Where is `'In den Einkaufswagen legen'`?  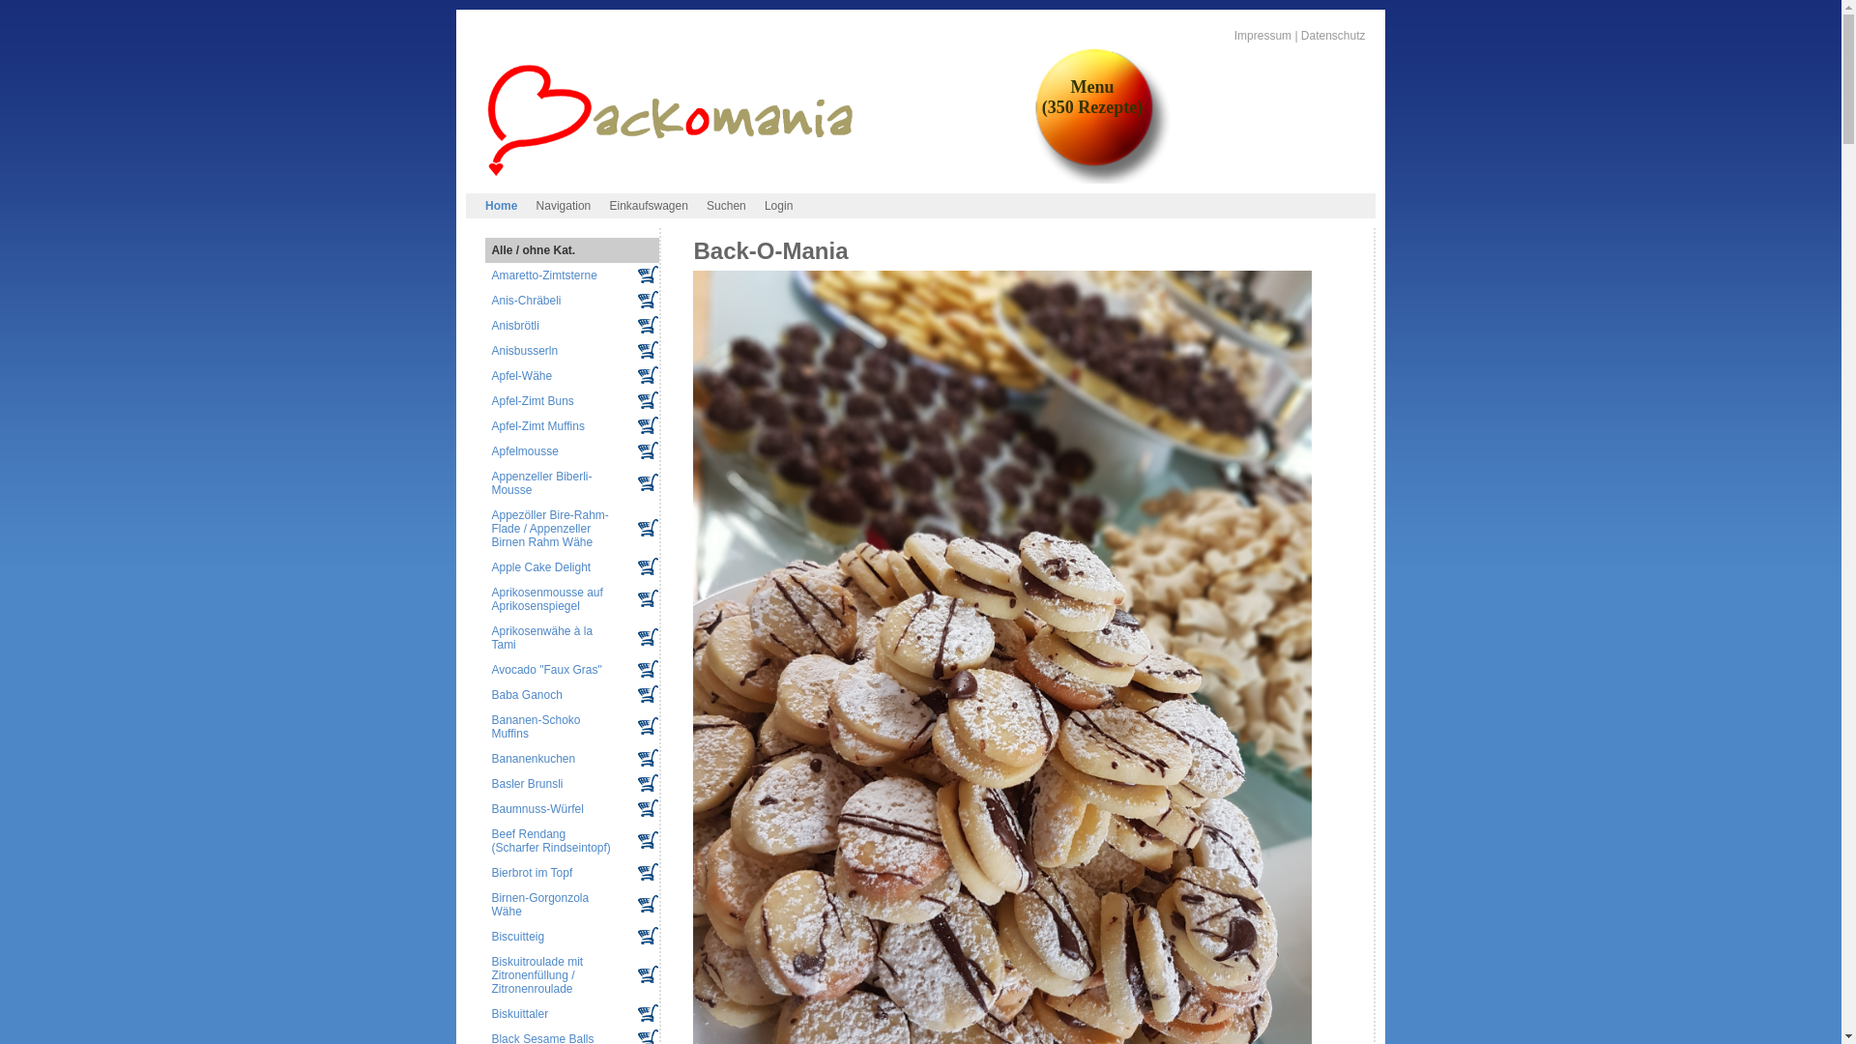
'In den Einkaufswagen legen' is located at coordinates (648, 726).